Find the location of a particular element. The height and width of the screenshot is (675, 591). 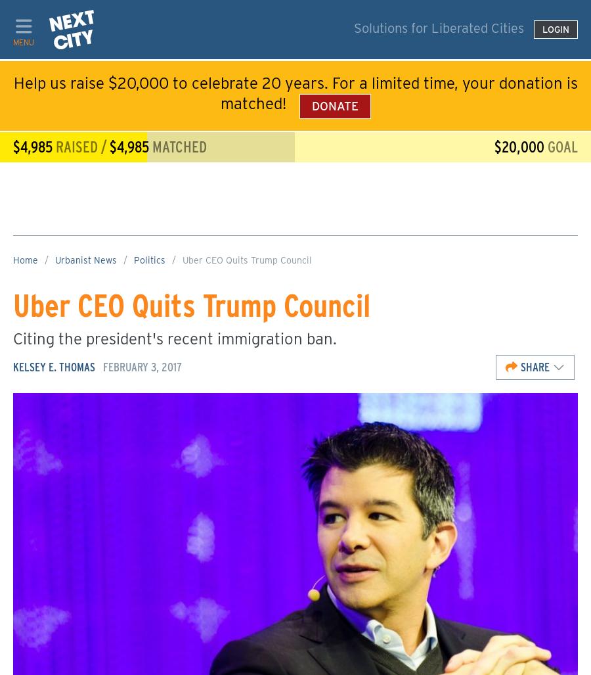

'$20,000' is located at coordinates (521, 146).